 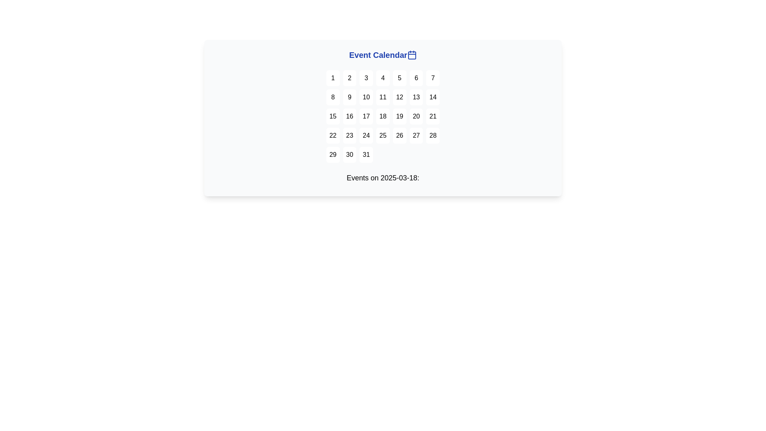 What do you see at coordinates (349, 97) in the screenshot?
I see `the selectable day button representing the number '9' in the calendar grid, located in the second row and second column, between buttons '8' and '10'` at bounding box center [349, 97].